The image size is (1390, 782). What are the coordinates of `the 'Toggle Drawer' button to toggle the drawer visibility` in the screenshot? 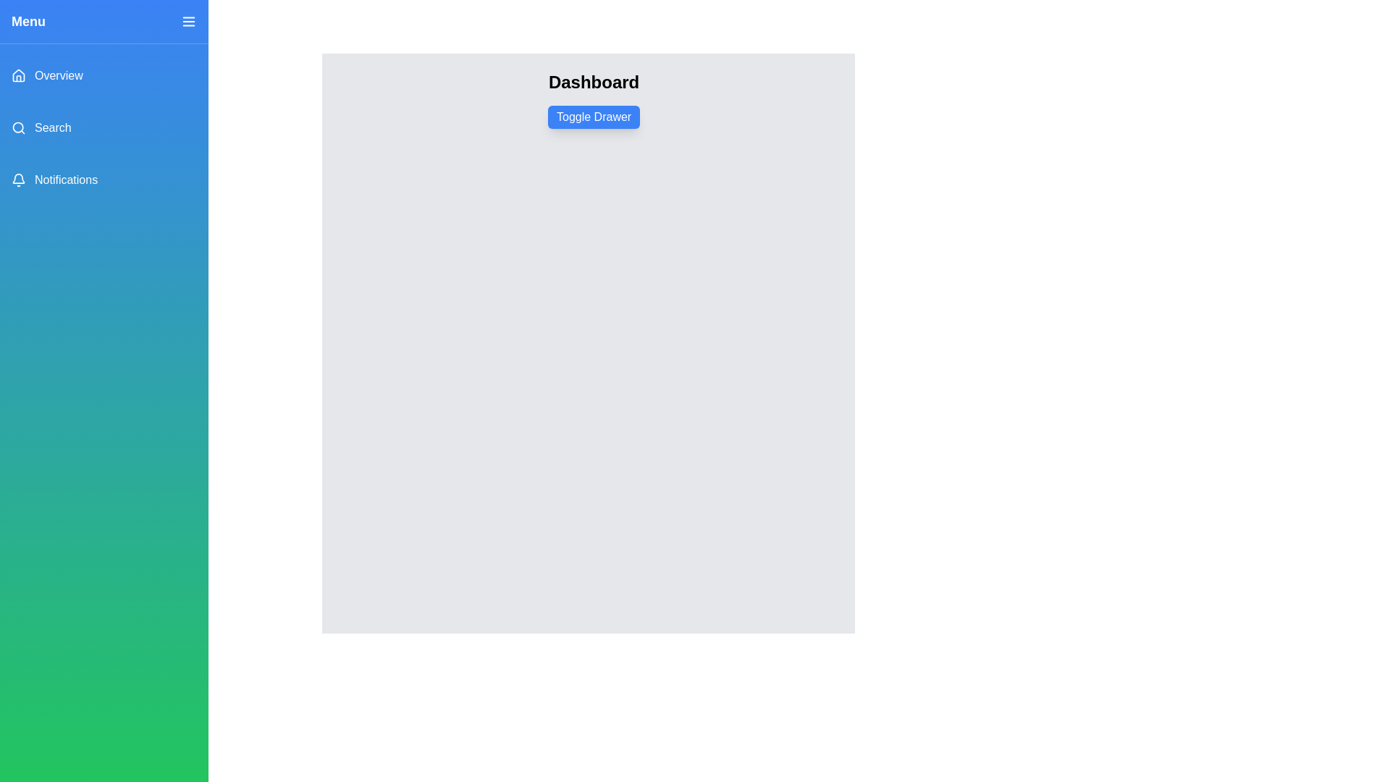 It's located at (594, 117).